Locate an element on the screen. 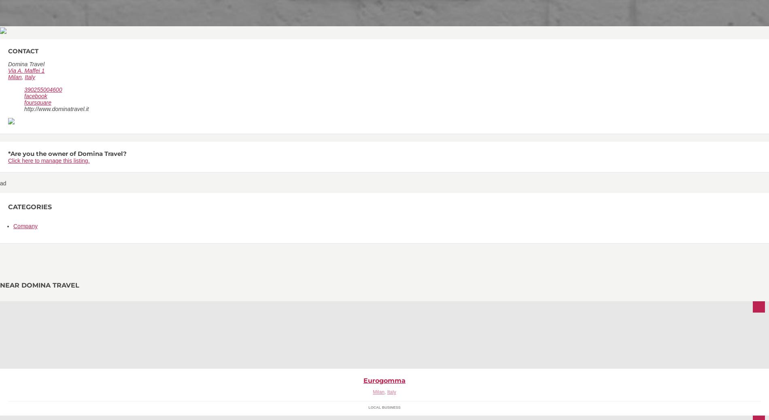 The image size is (769, 420). 'http://www.dominatravel.it' is located at coordinates (56, 108).